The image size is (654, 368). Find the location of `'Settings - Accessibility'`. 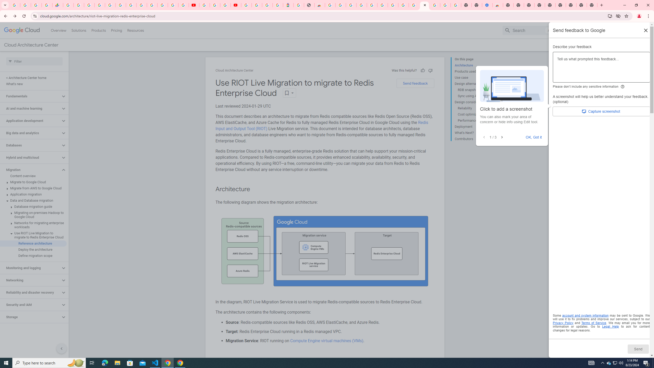

'Settings - Accessibility' is located at coordinates (487, 5).